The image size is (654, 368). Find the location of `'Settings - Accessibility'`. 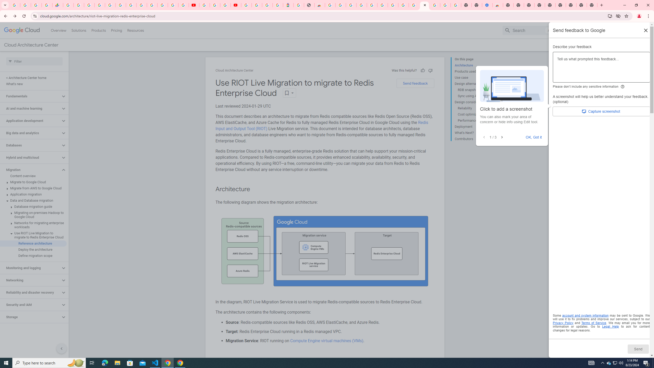

'Settings - Accessibility' is located at coordinates (487, 5).